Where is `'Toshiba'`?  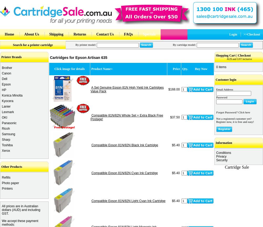
'Toshiba' is located at coordinates (7, 145).